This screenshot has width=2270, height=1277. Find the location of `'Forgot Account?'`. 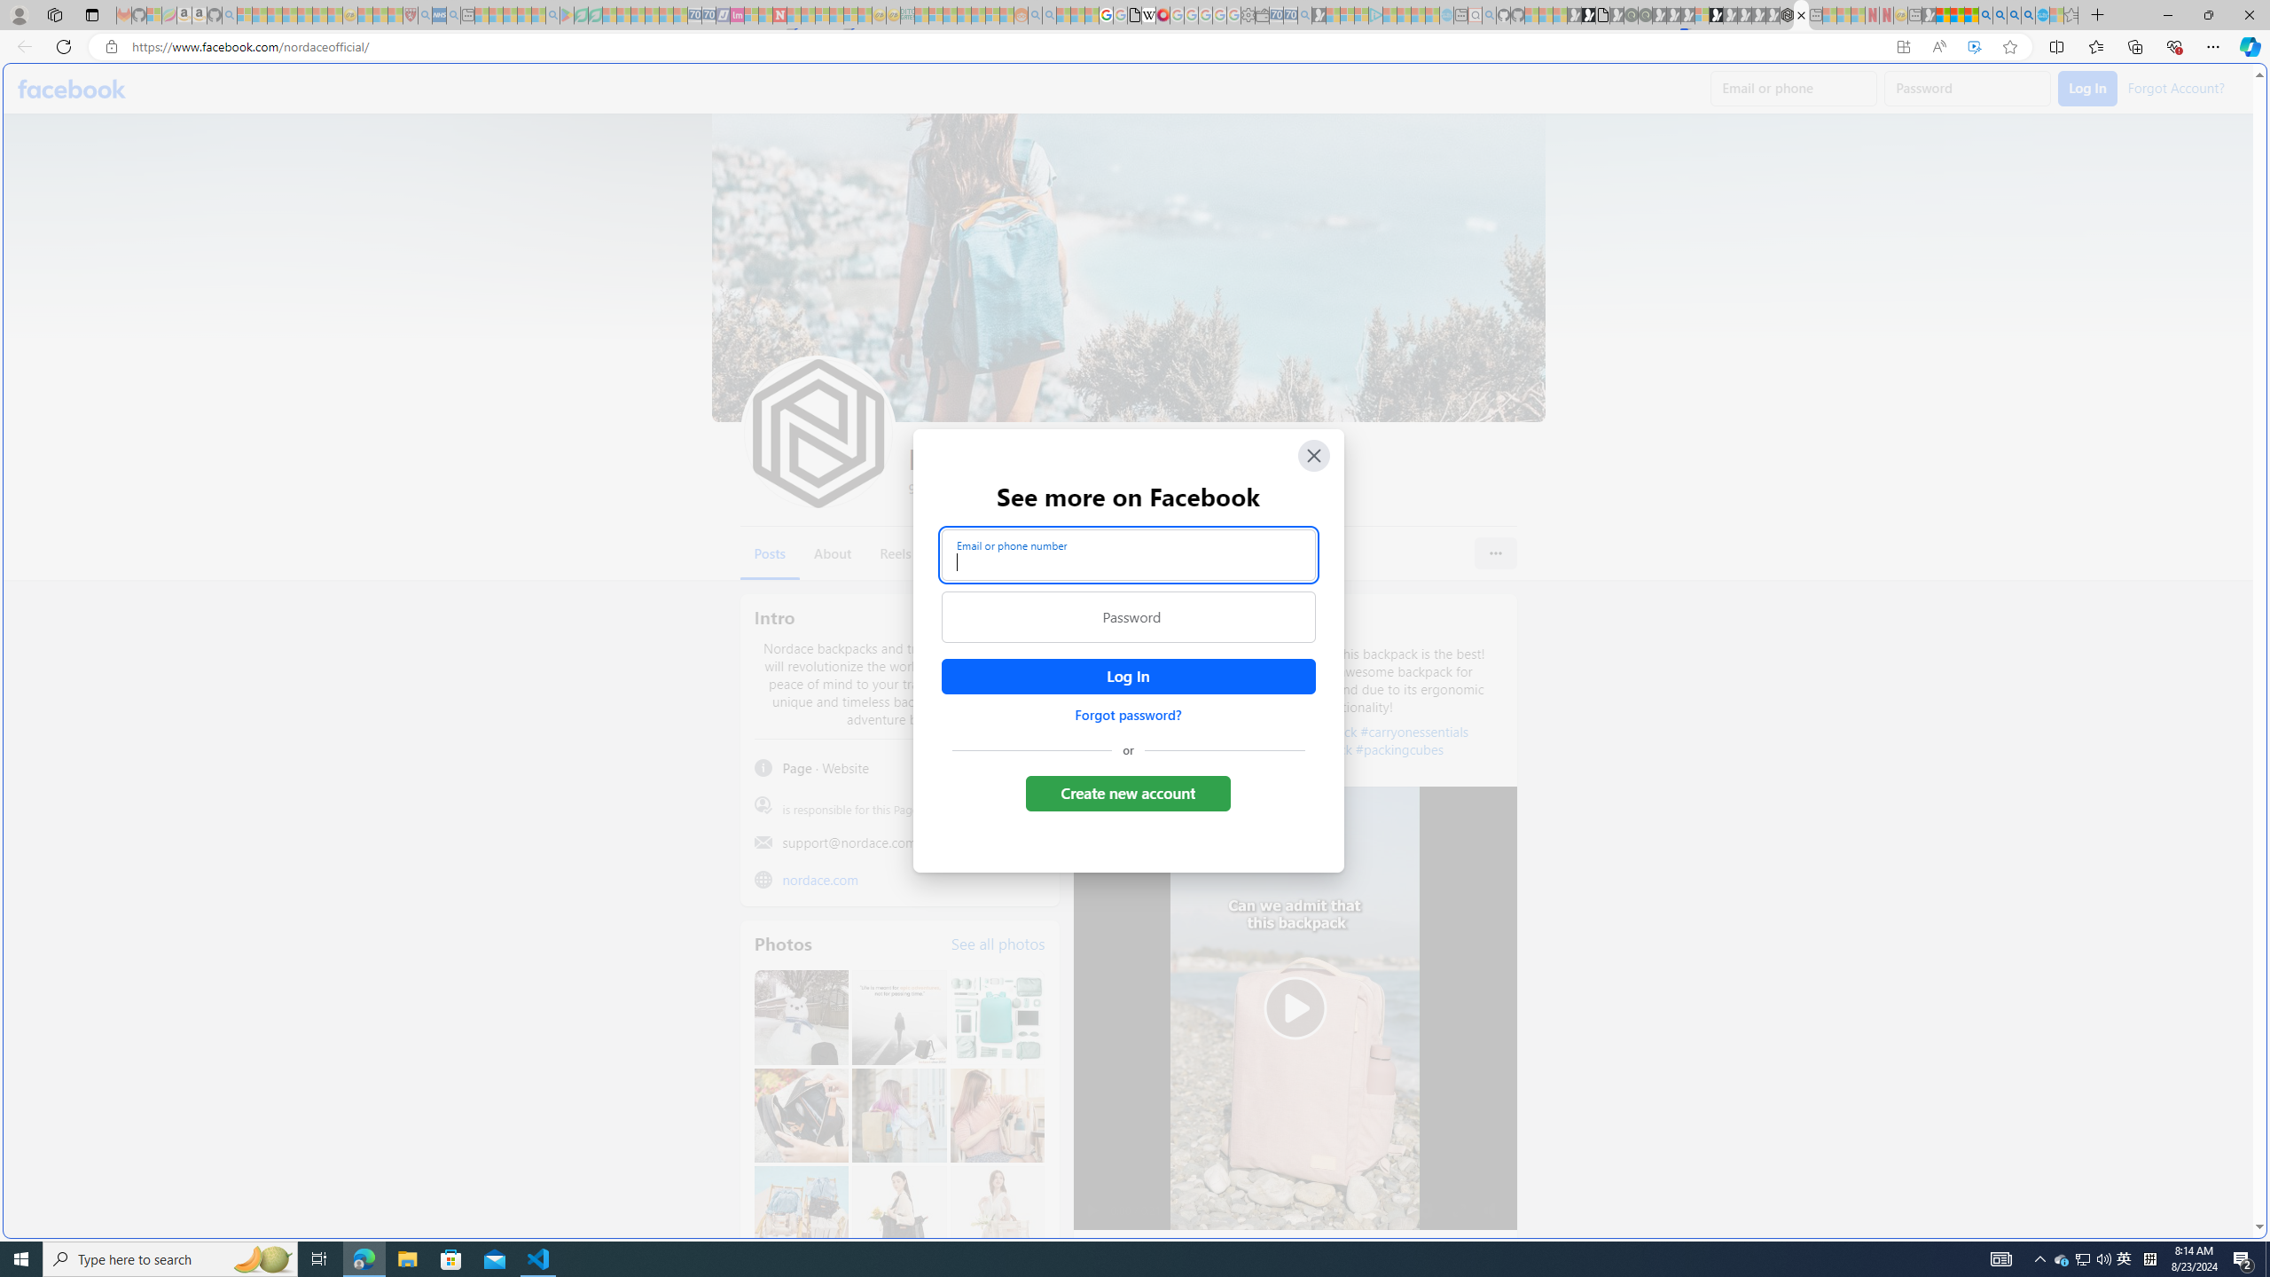

'Forgot Account?' is located at coordinates (2175, 86).